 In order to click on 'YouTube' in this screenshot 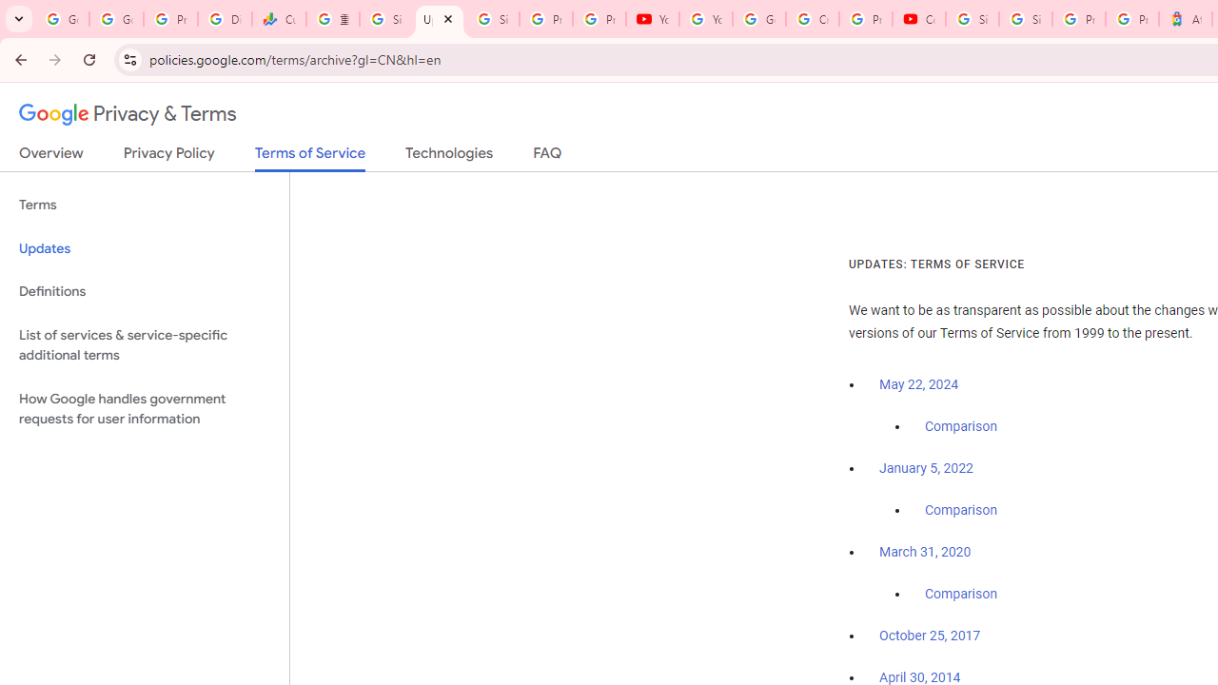, I will do `click(705, 19)`.